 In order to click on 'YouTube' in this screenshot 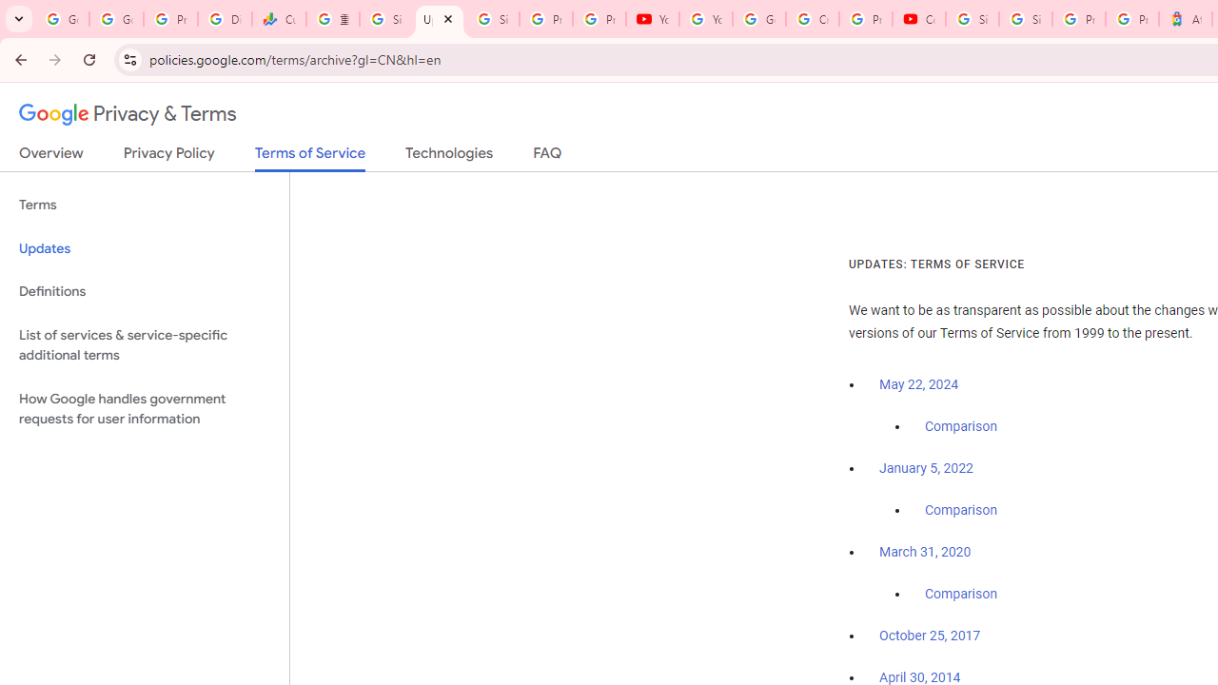, I will do `click(705, 19)`.